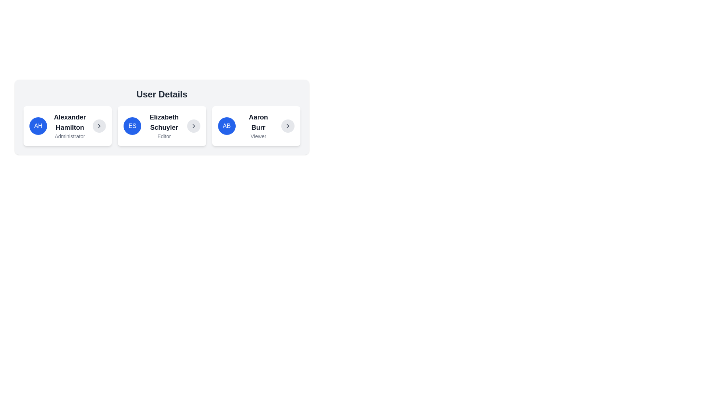 The width and height of the screenshot is (706, 397). What do you see at coordinates (258, 136) in the screenshot?
I see `the 'Viewer' text label that indicates the role of 'Aaron Burr', located at the bottom of the user card, which is the third card from the left in a horizontal list` at bounding box center [258, 136].